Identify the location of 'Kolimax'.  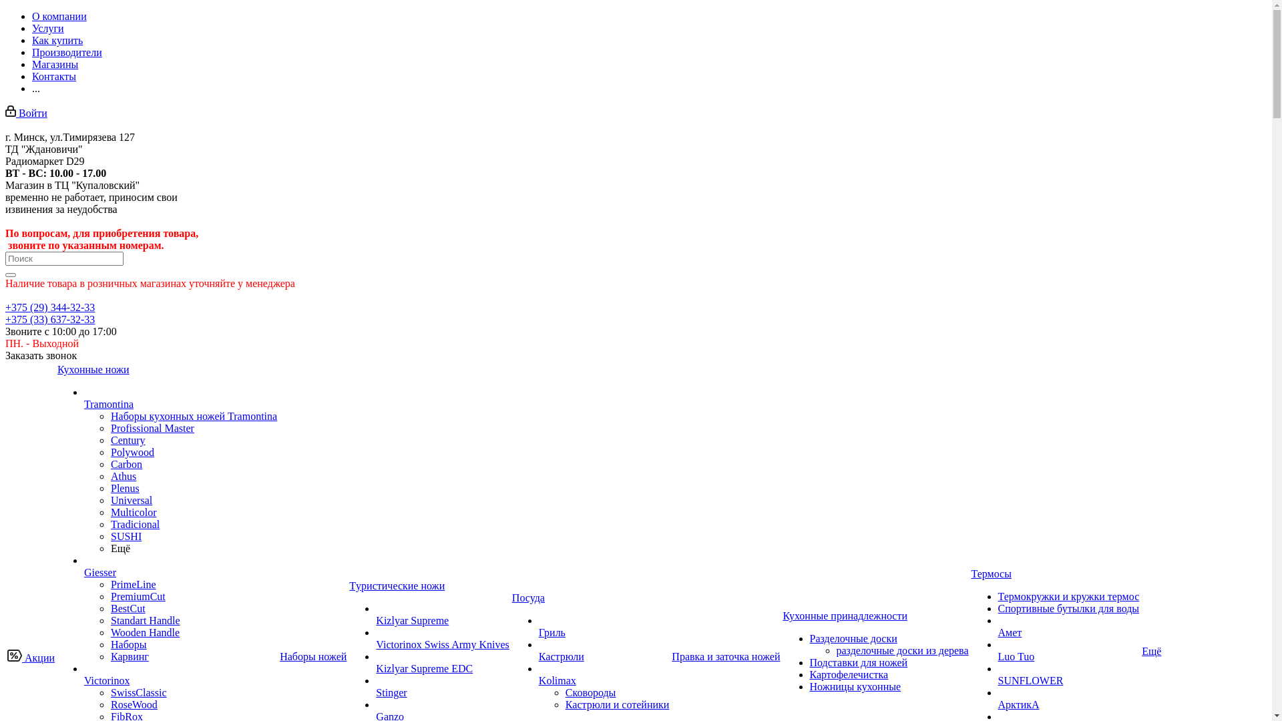
(539, 672).